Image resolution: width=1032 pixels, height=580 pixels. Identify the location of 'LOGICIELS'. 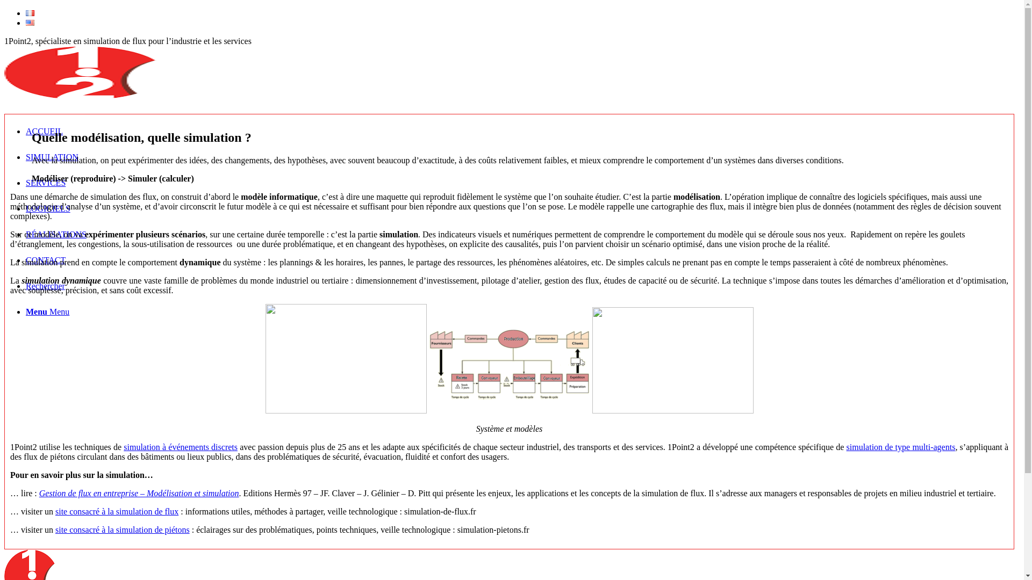
(47, 208).